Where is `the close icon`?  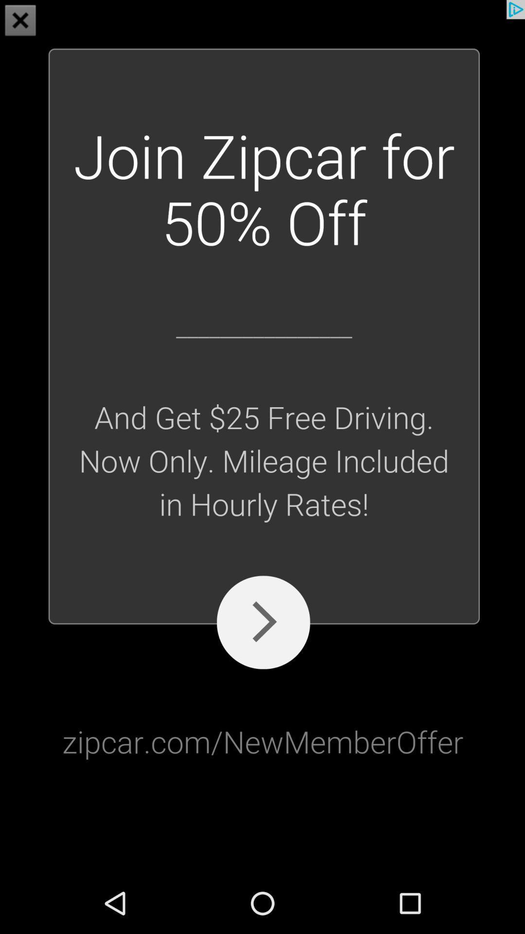 the close icon is located at coordinates (20, 21).